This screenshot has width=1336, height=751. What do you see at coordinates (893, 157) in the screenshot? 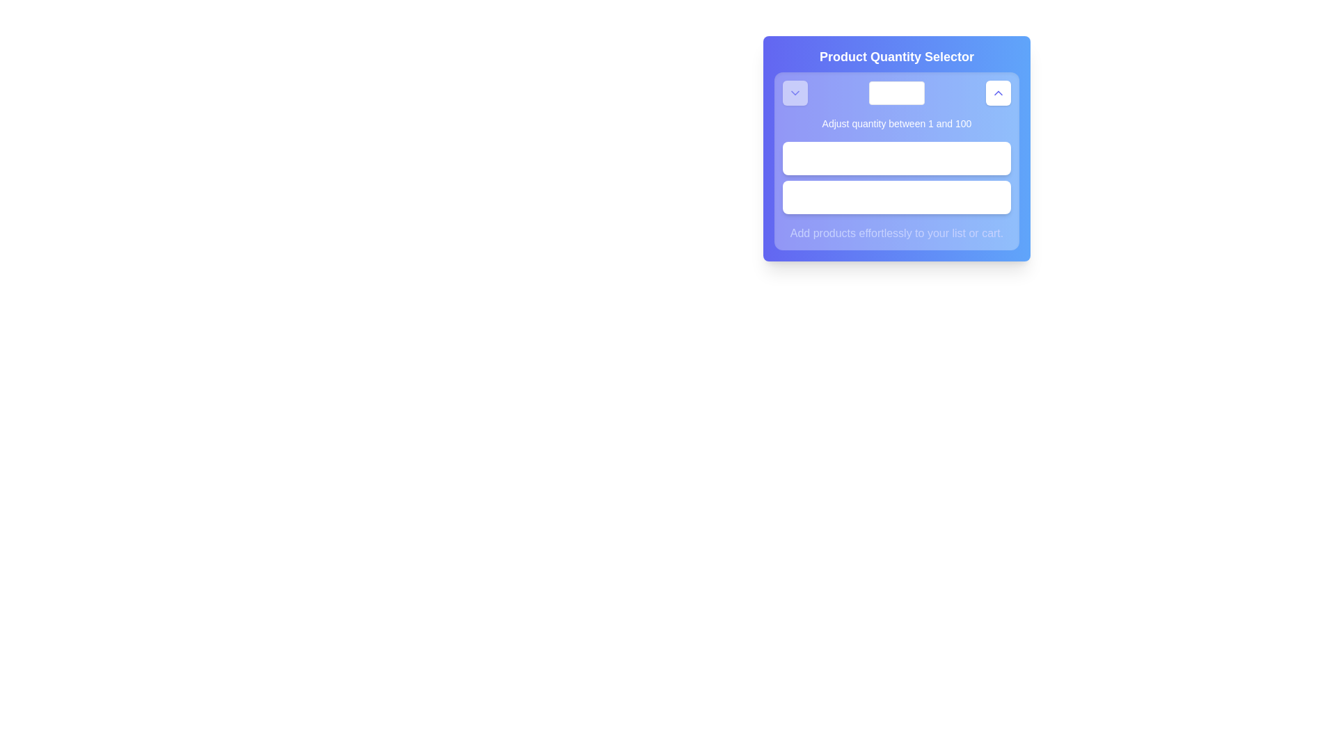
I see `the quantity` at bounding box center [893, 157].